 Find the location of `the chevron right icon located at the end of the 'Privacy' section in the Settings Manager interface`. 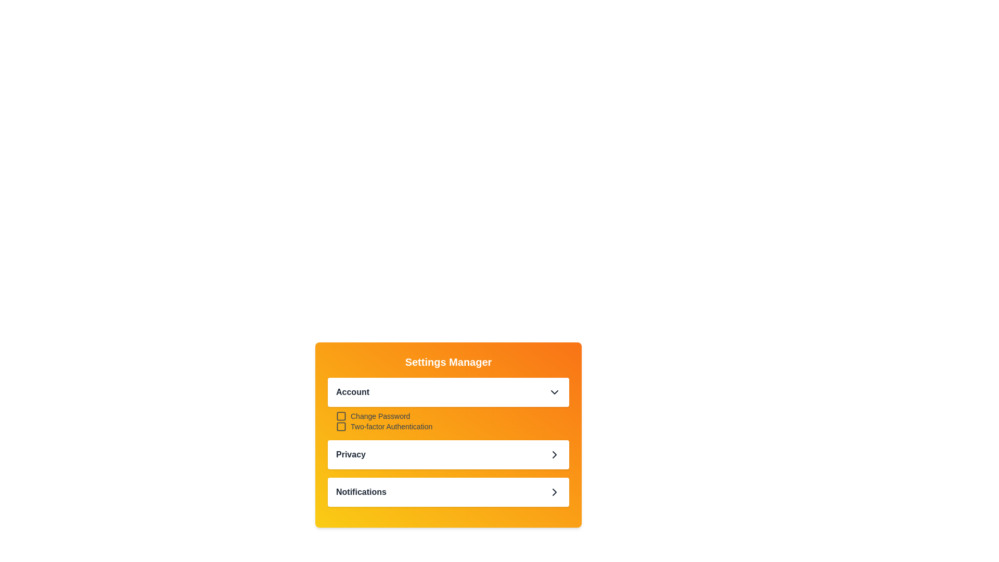

the chevron right icon located at the end of the 'Privacy' section in the Settings Manager interface is located at coordinates (554, 454).